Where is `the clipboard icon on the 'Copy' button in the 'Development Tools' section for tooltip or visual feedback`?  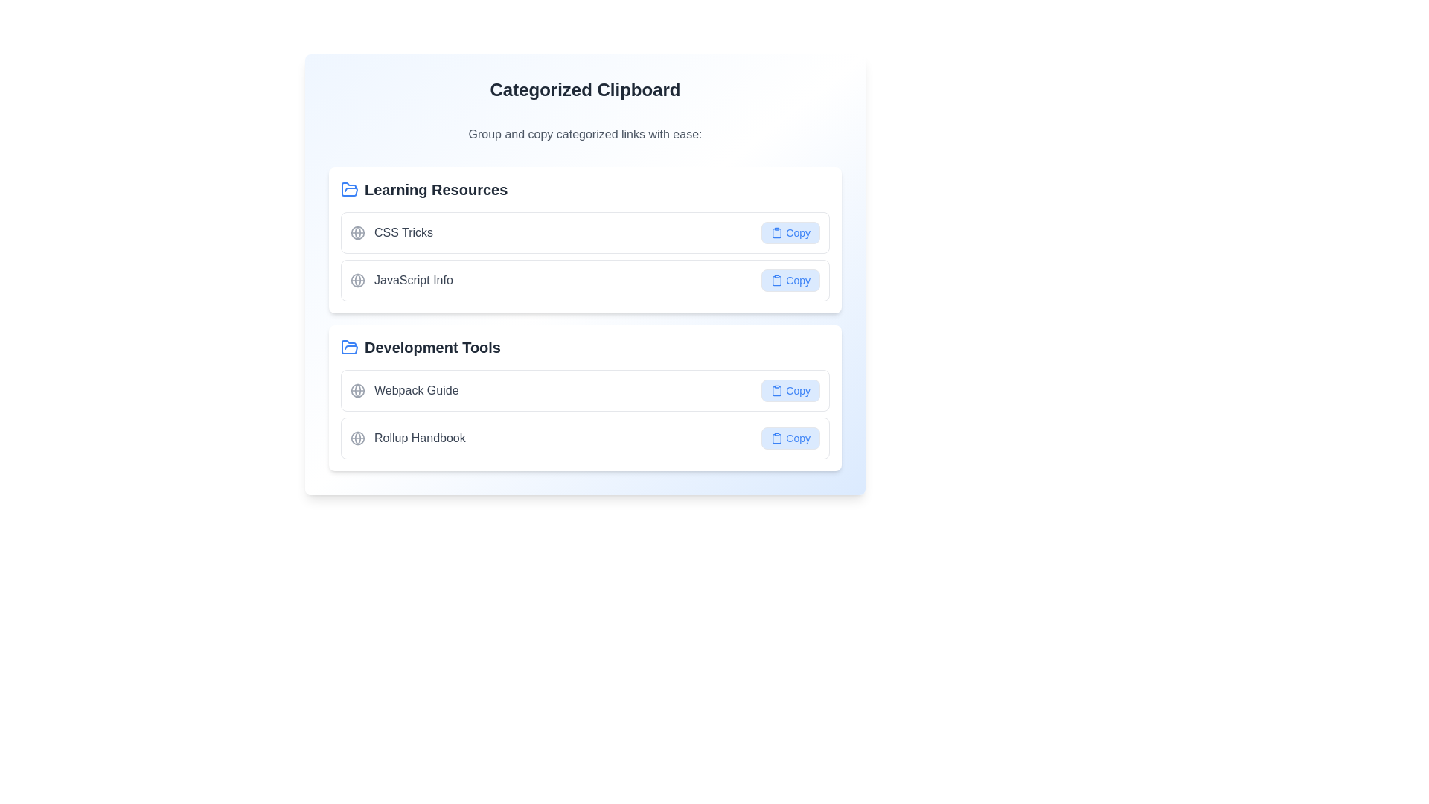 the clipboard icon on the 'Copy' button in the 'Development Tools' section for tooltip or visual feedback is located at coordinates (776, 438).